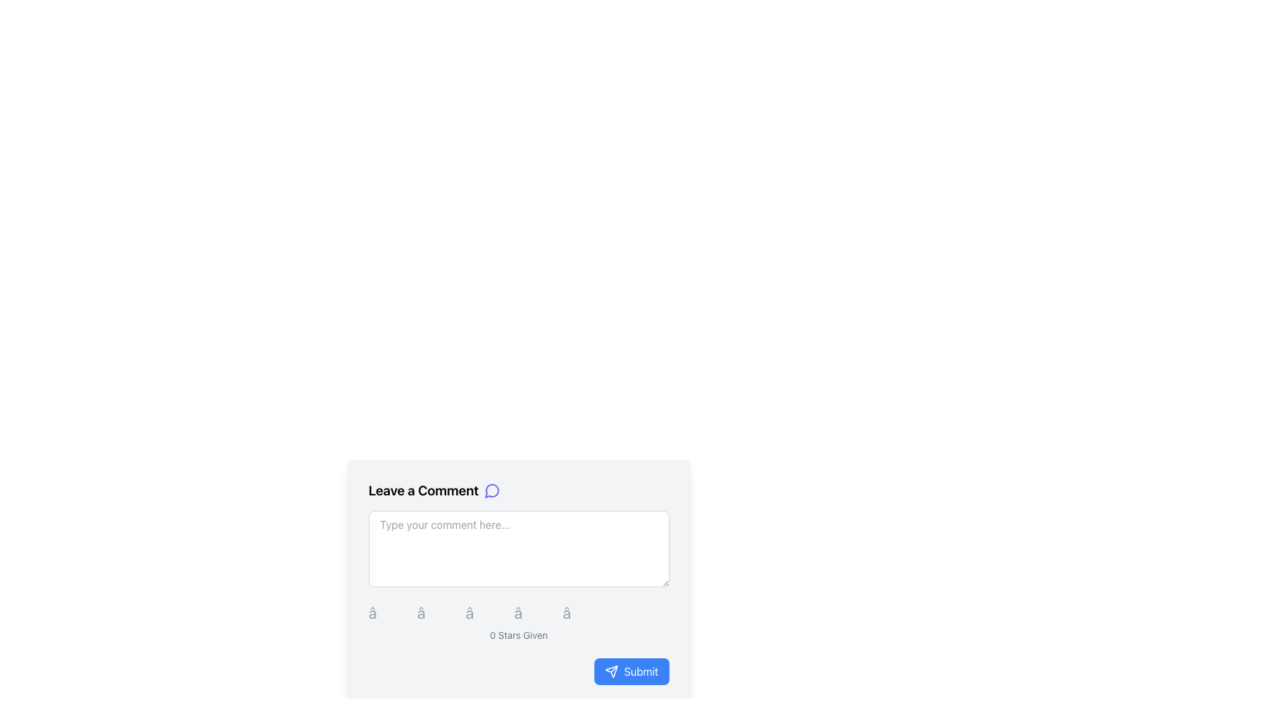  Describe the element at coordinates (518, 635) in the screenshot. I see `the text label displaying '0 Stars Given' located in the rating description section of the feedback card titled 'Leave a Comment'` at that location.